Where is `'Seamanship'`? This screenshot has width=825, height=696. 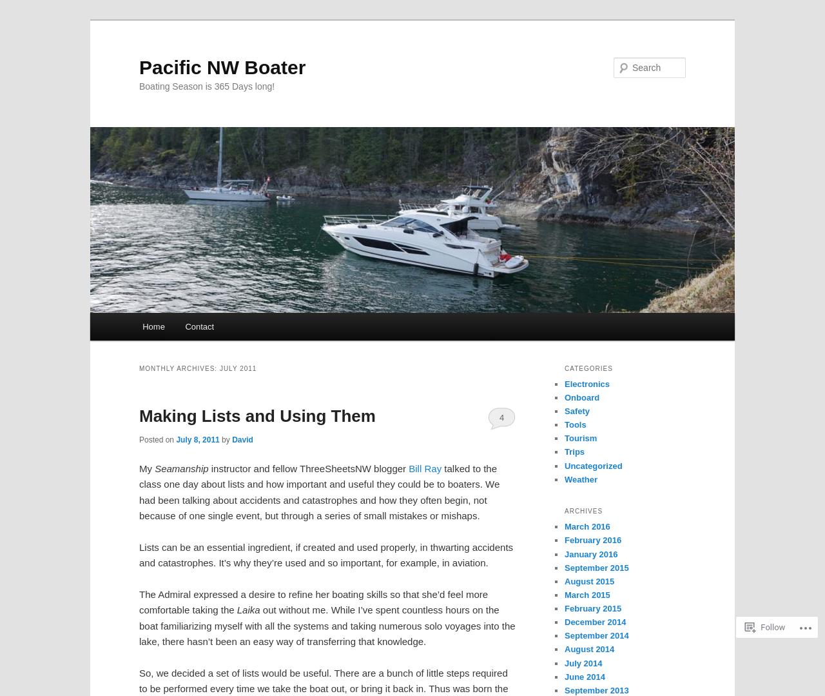
'Seamanship' is located at coordinates (180, 468).